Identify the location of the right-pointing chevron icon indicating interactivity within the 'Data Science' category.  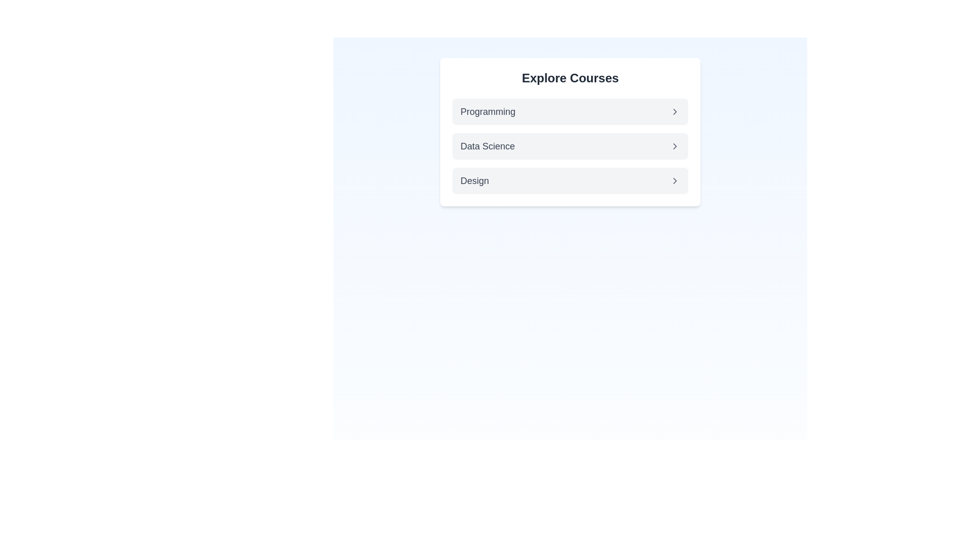
(675, 146).